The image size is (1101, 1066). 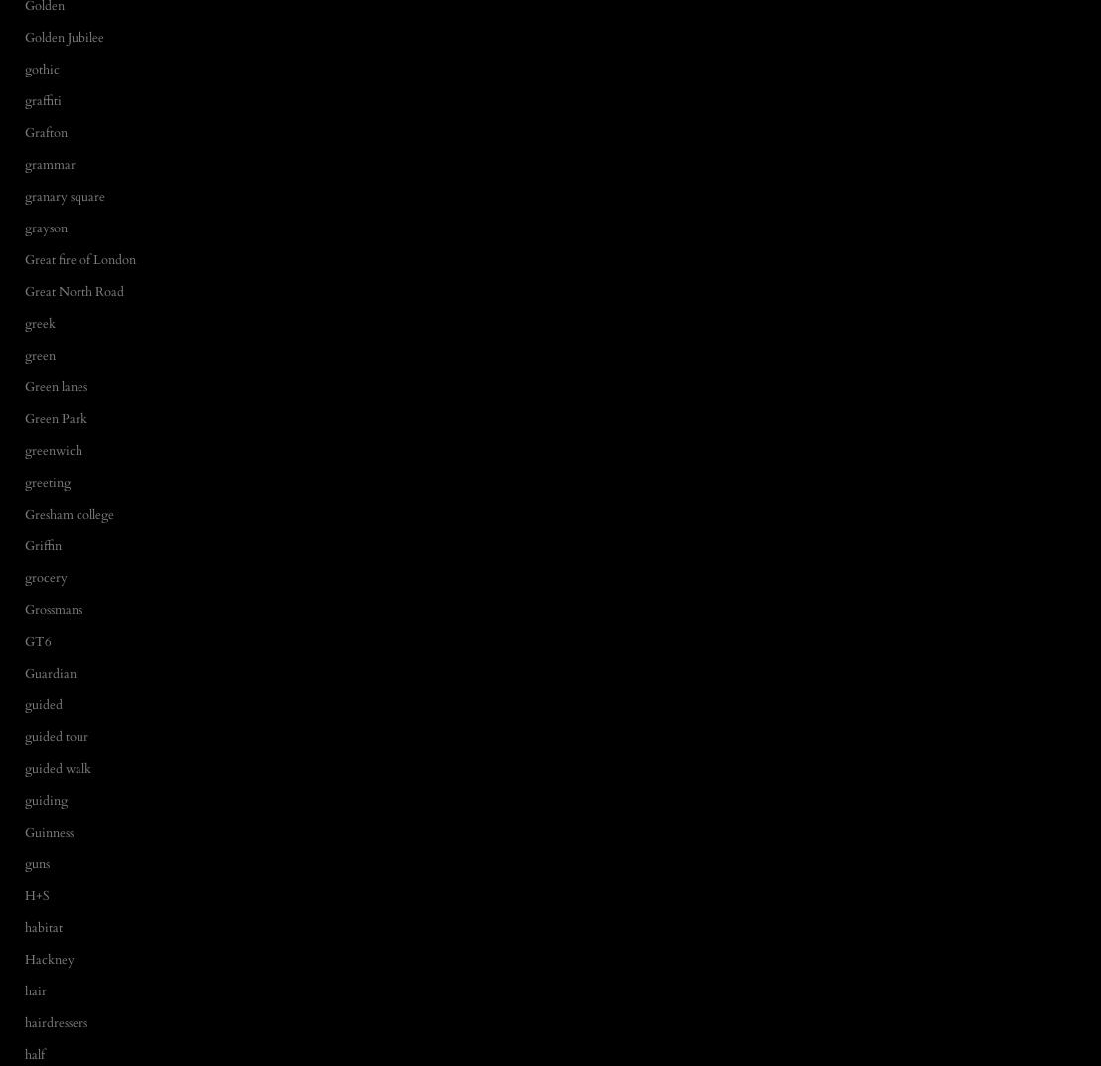 What do you see at coordinates (25, 384) in the screenshot?
I see `'Green lanes'` at bounding box center [25, 384].